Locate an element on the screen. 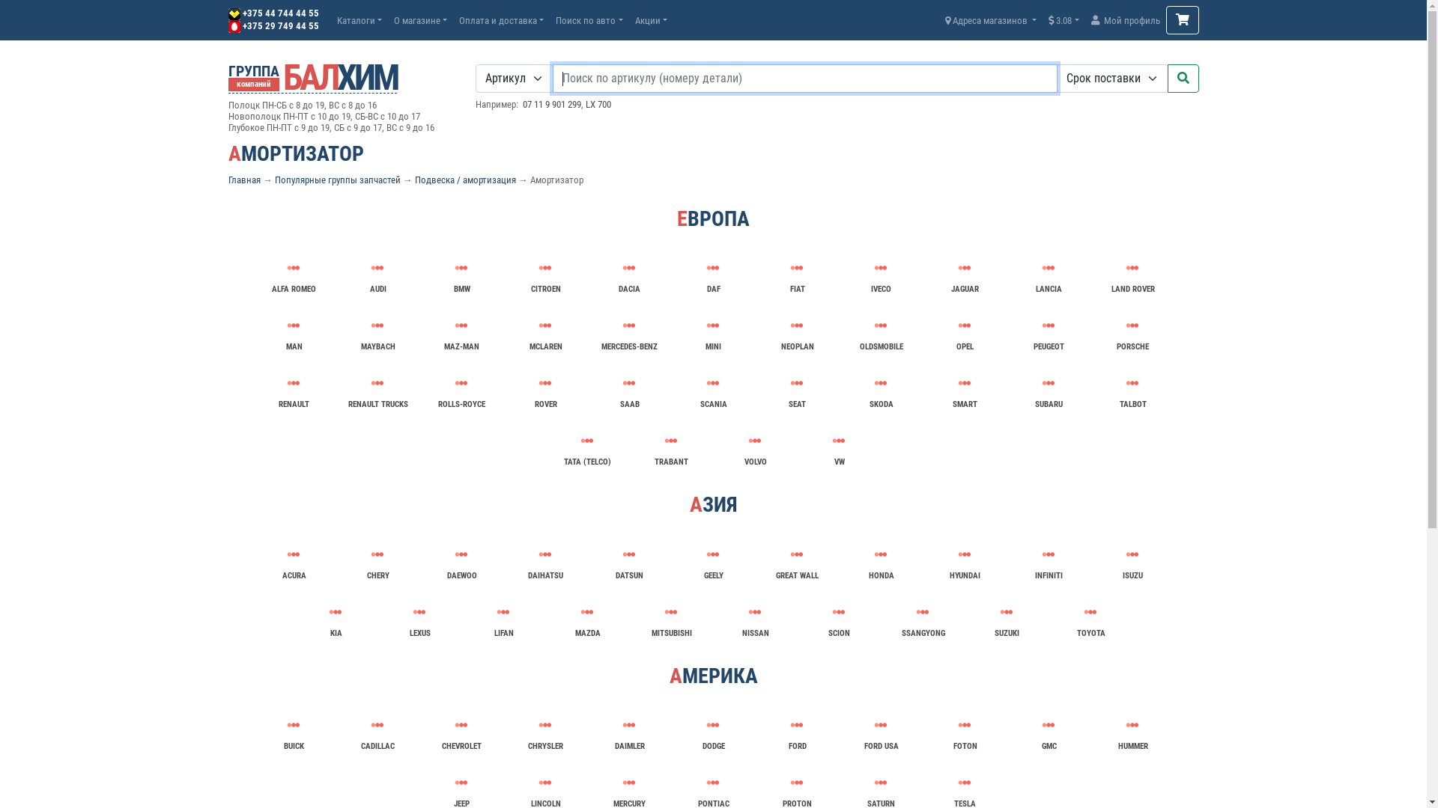 The width and height of the screenshot is (1438, 808). 'SCION' is located at coordinates (839, 617).